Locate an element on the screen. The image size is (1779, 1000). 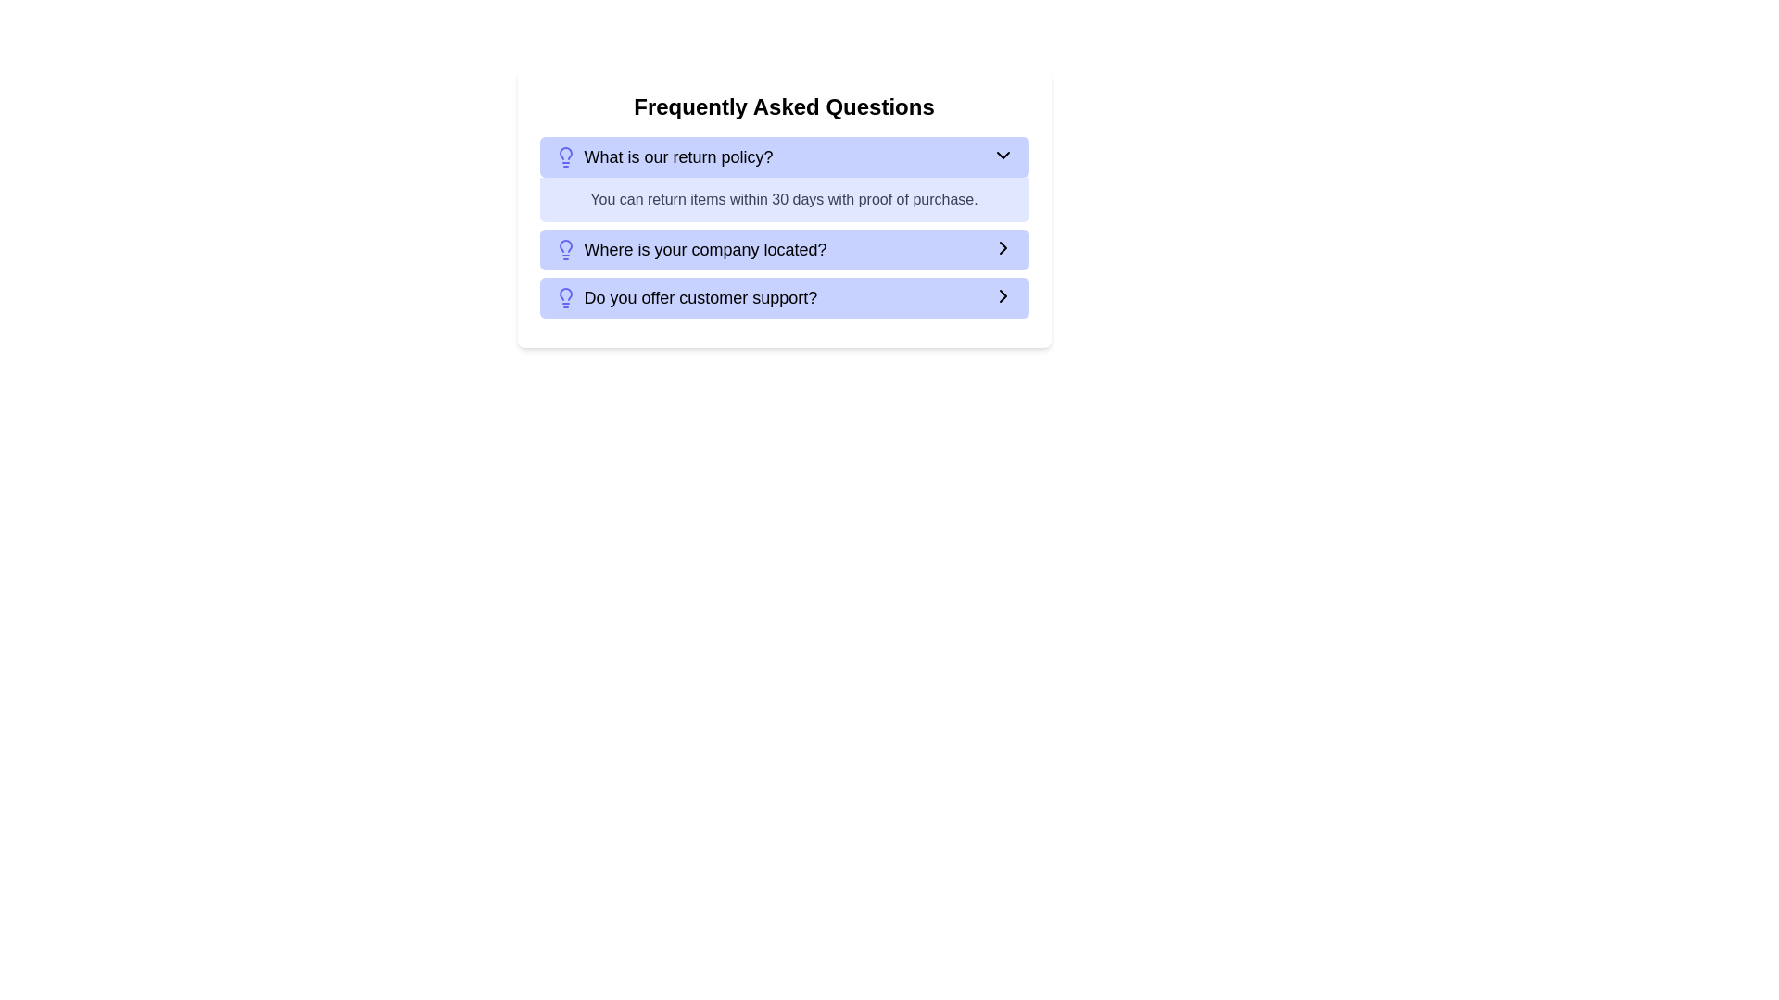
the first Collapsible FAQ item to read the details about the return policy is located at coordinates (784, 179).